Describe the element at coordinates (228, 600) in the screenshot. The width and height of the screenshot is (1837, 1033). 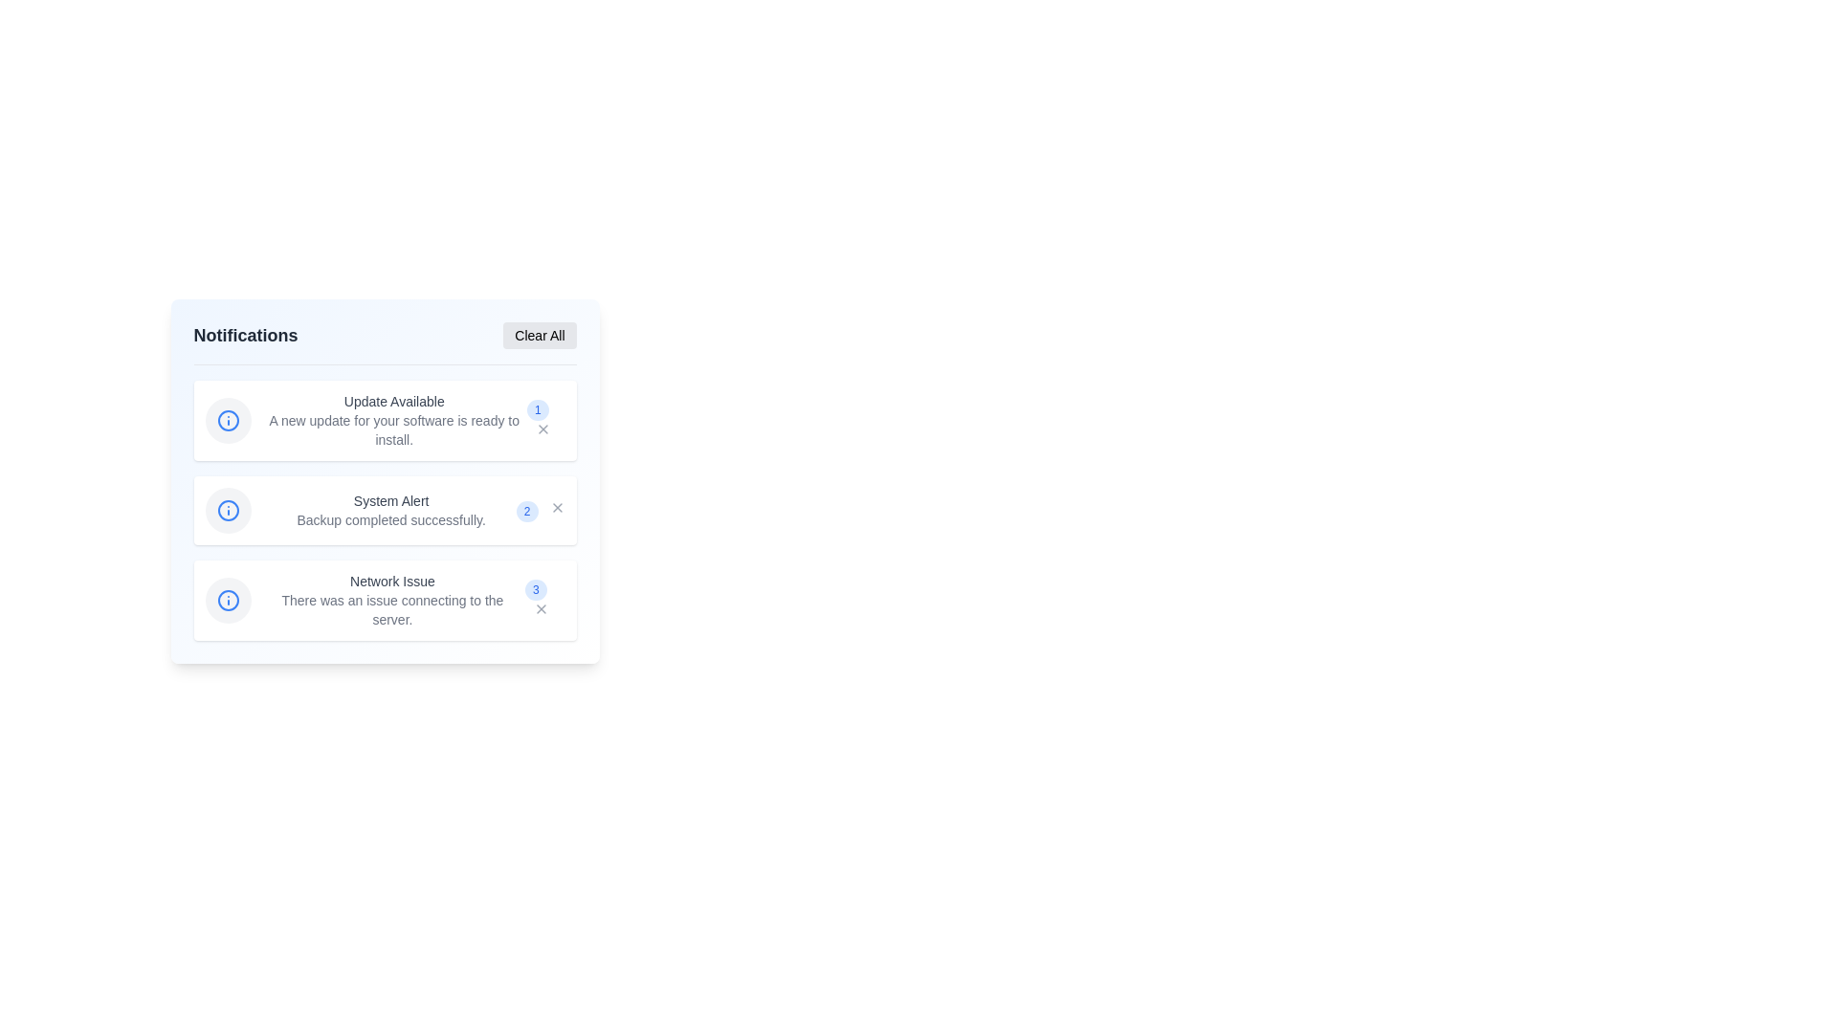
I see `the circular icon with a light gray background and blue border containing an information symbol, located to the left of the 'Network Issue' text in the third notification` at that location.